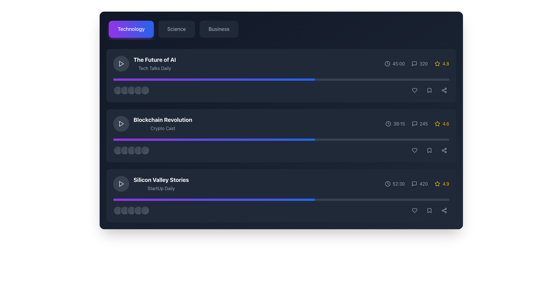 The width and height of the screenshot is (545, 306). What do you see at coordinates (145, 150) in the screenshot?
I see `the fifth circular button located below the 'Blockchain Revolution' podcast entry` at bounding box center [145, 150].